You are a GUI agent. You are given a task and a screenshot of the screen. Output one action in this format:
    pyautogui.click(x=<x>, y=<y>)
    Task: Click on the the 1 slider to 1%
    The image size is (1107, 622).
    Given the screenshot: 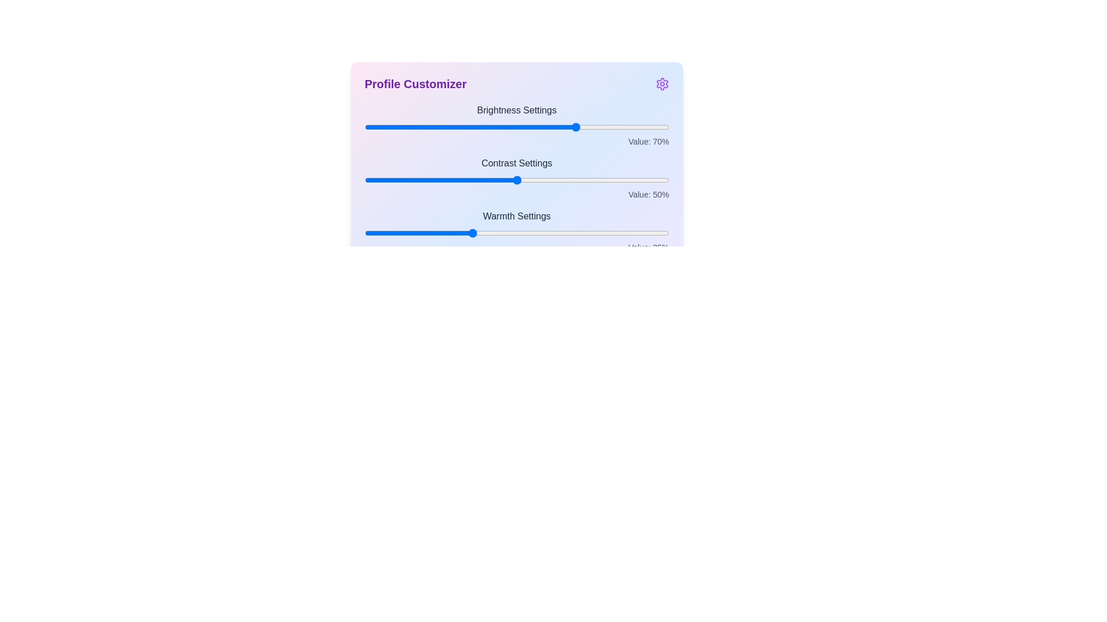 What is the action you would take?
    pyautogui.click(x=367, y=180)
    